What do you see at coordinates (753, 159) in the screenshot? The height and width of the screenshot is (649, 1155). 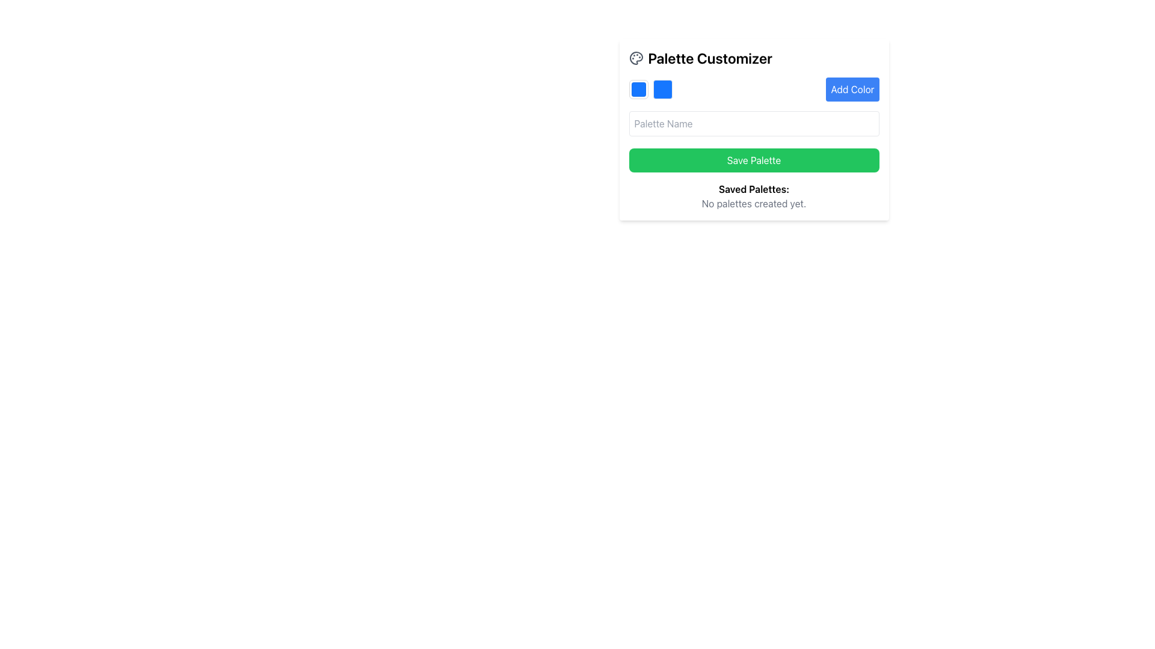 I see `the rectangular green button labeled 'Save Palette' to observe its hover effect` at bounding box center [753, 159].